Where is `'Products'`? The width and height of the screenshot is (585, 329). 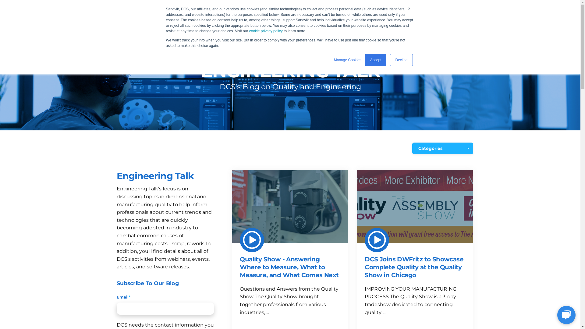 'Products' is located at coordinates (197, 24).